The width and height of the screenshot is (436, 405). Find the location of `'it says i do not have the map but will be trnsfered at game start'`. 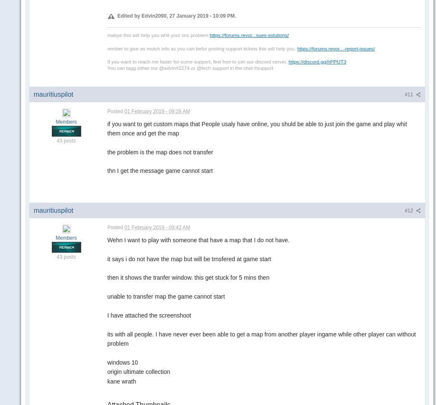

'it says i do not have the map but will be trnsfered at game start' is located at coordinates (189, 258).